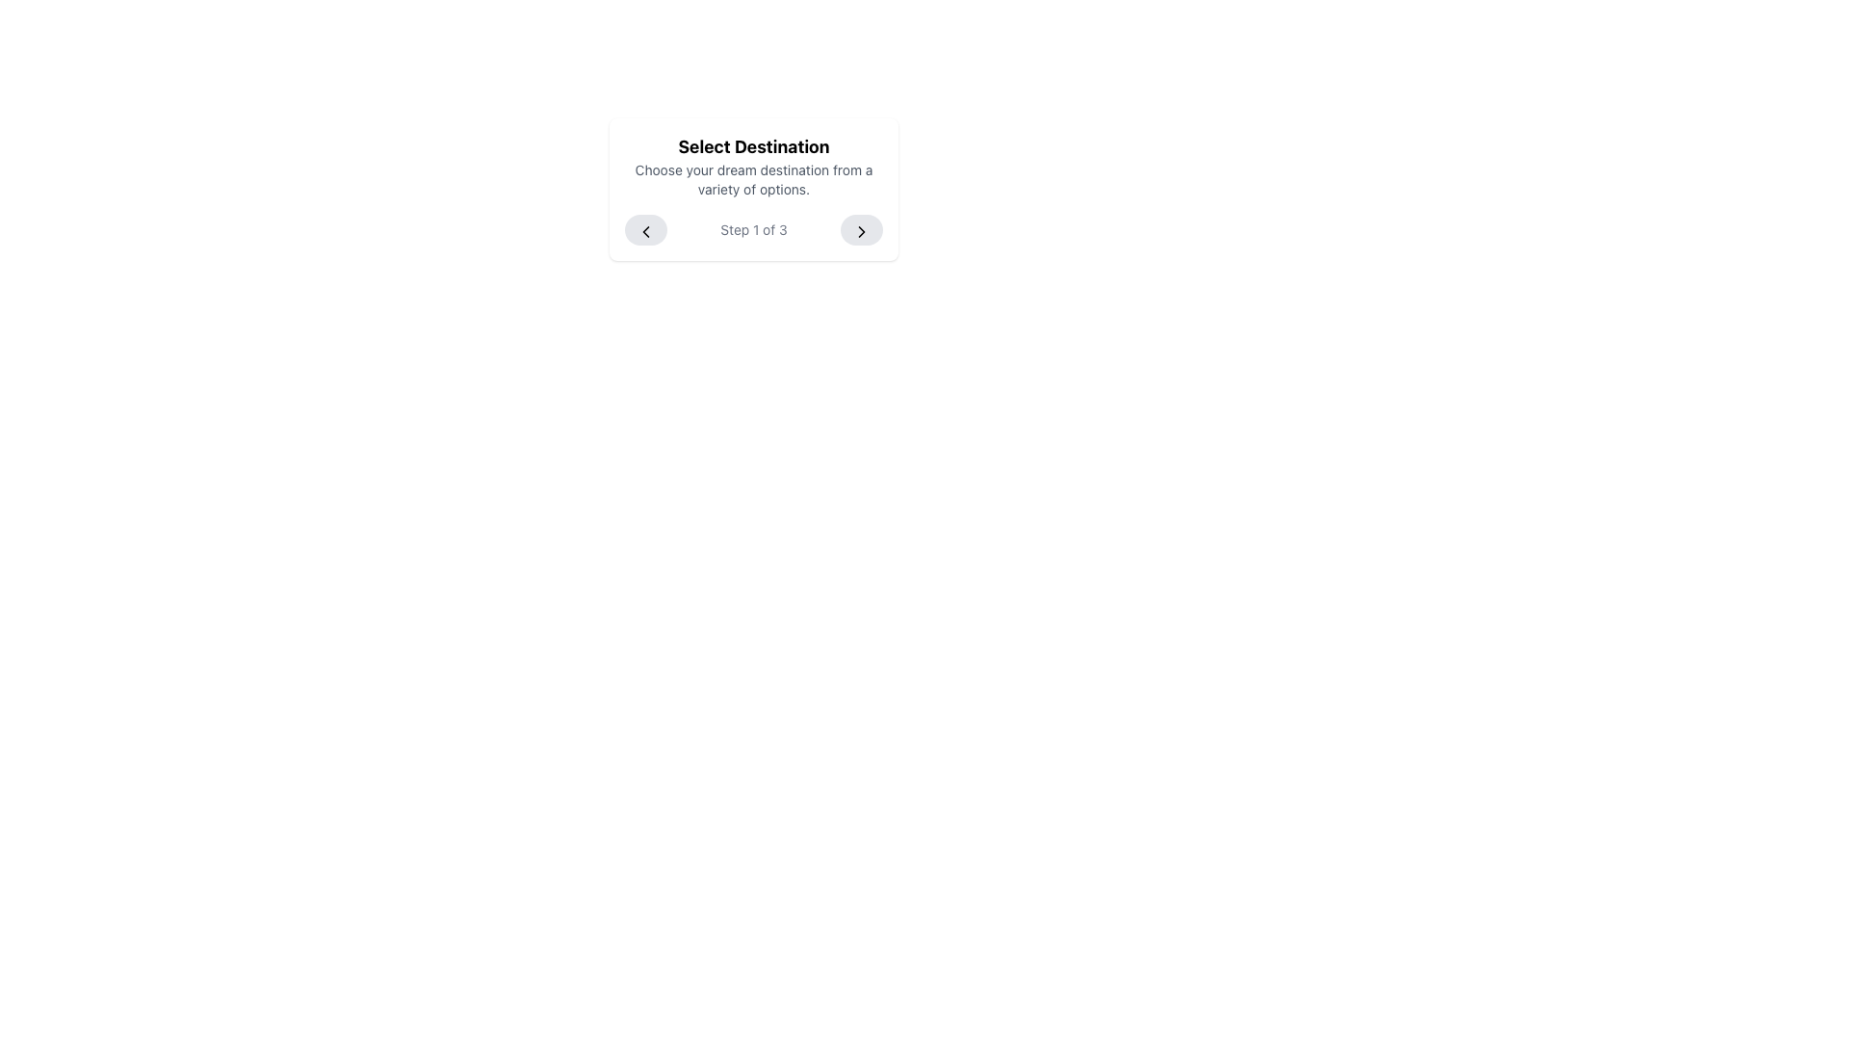 Image resolution: width=1849 pixels, height=1040 pixels. I want to click on the right-facing chevron icon located within the circular button on the right-hand side of the card interface, so click(860, 229).